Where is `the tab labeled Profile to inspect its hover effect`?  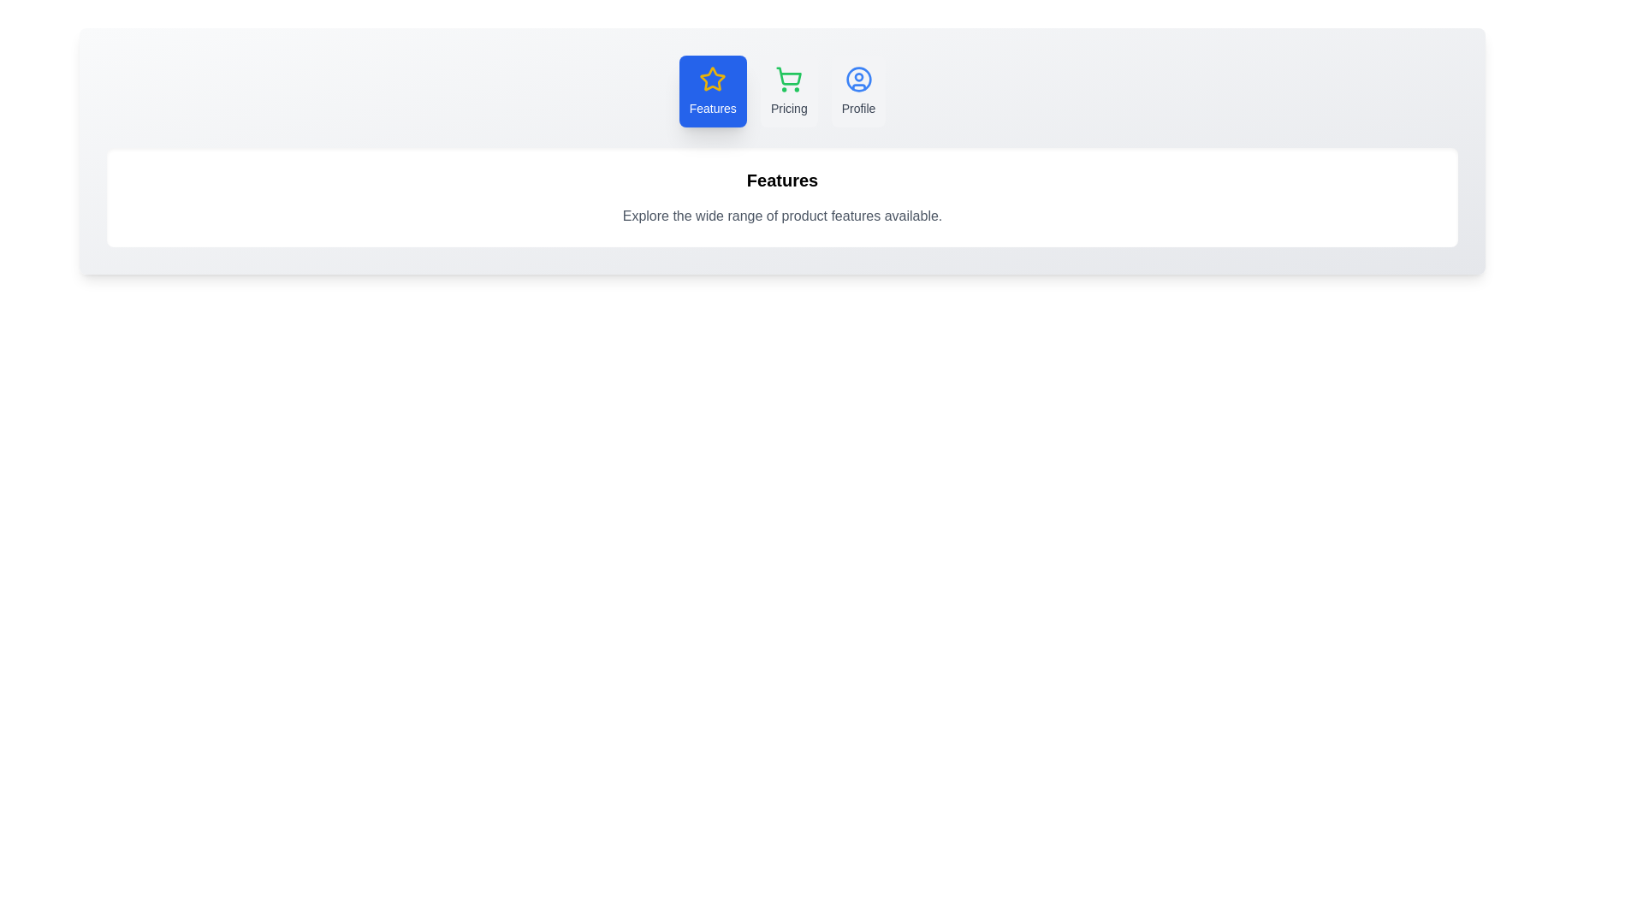
the tab labeled Profile to inspect its hover effect is located at coordinates (858, 92).